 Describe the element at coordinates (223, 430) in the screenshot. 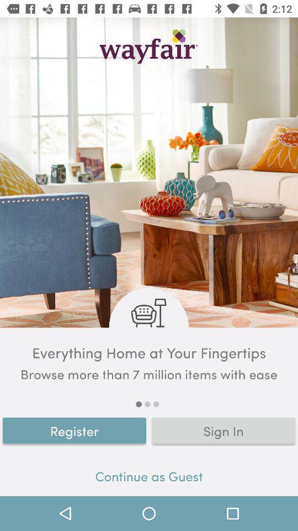

I see `the item next to the register item` at that location.